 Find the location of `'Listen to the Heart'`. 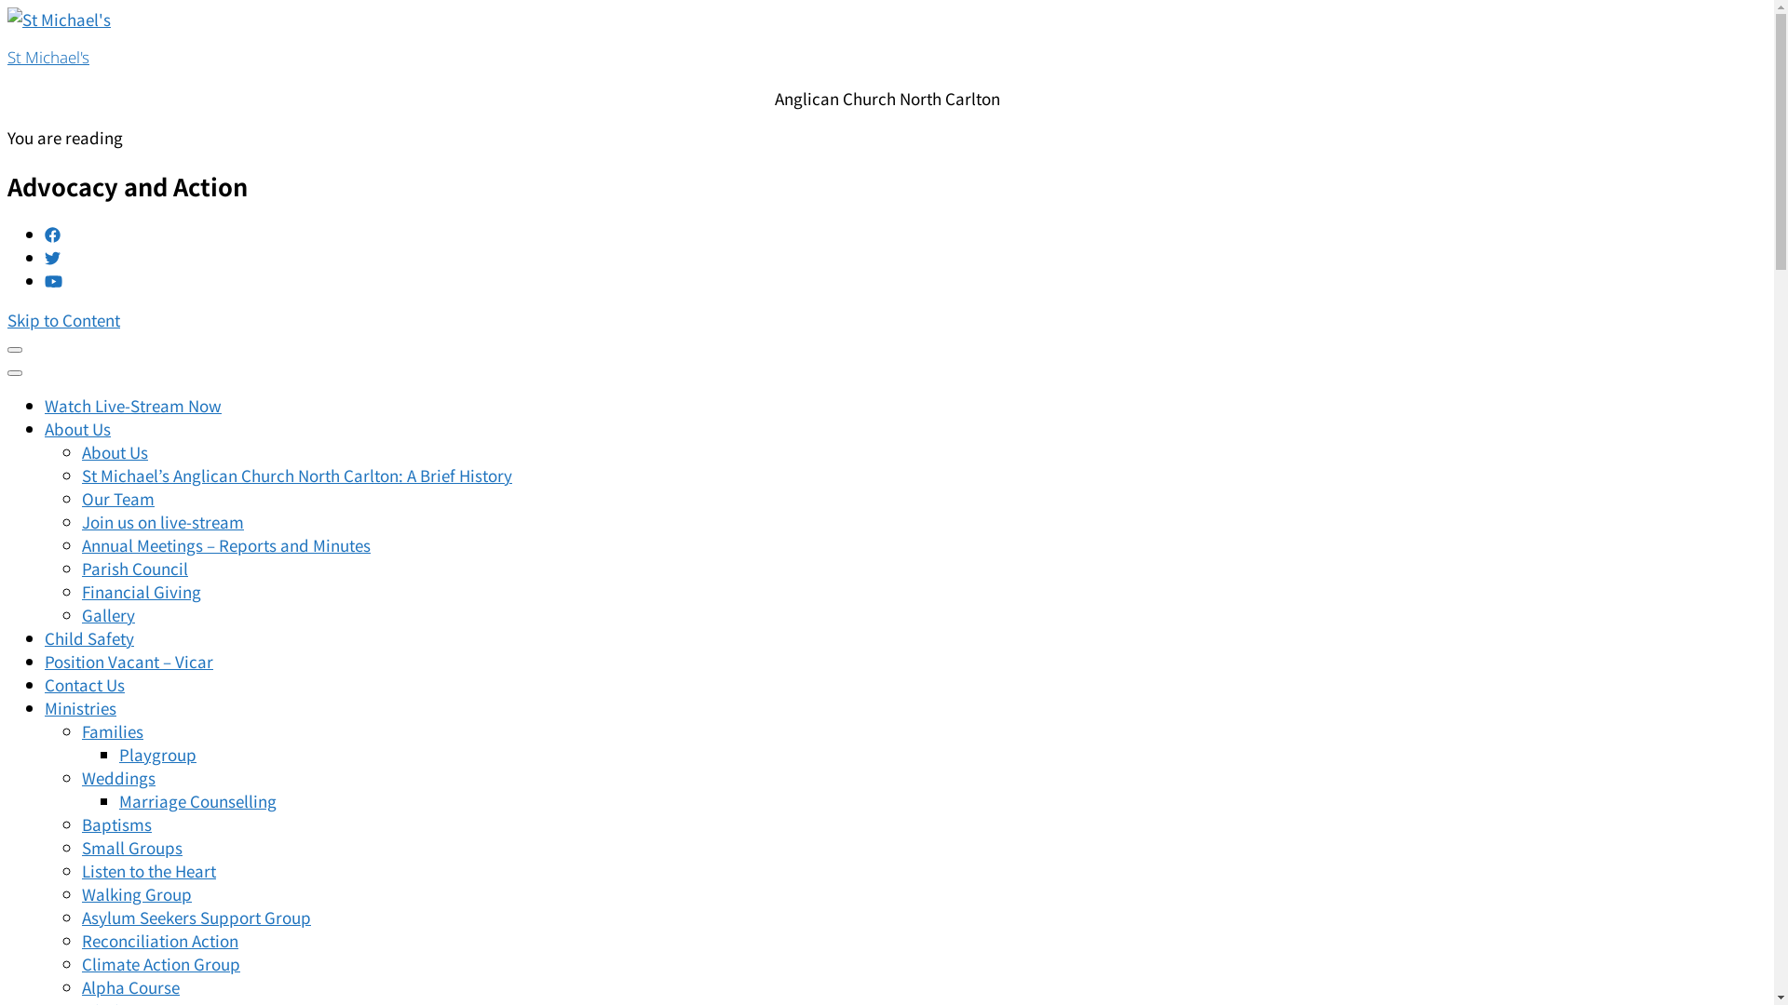

'Listen to the Heart' is located at coordinates (80, 870).